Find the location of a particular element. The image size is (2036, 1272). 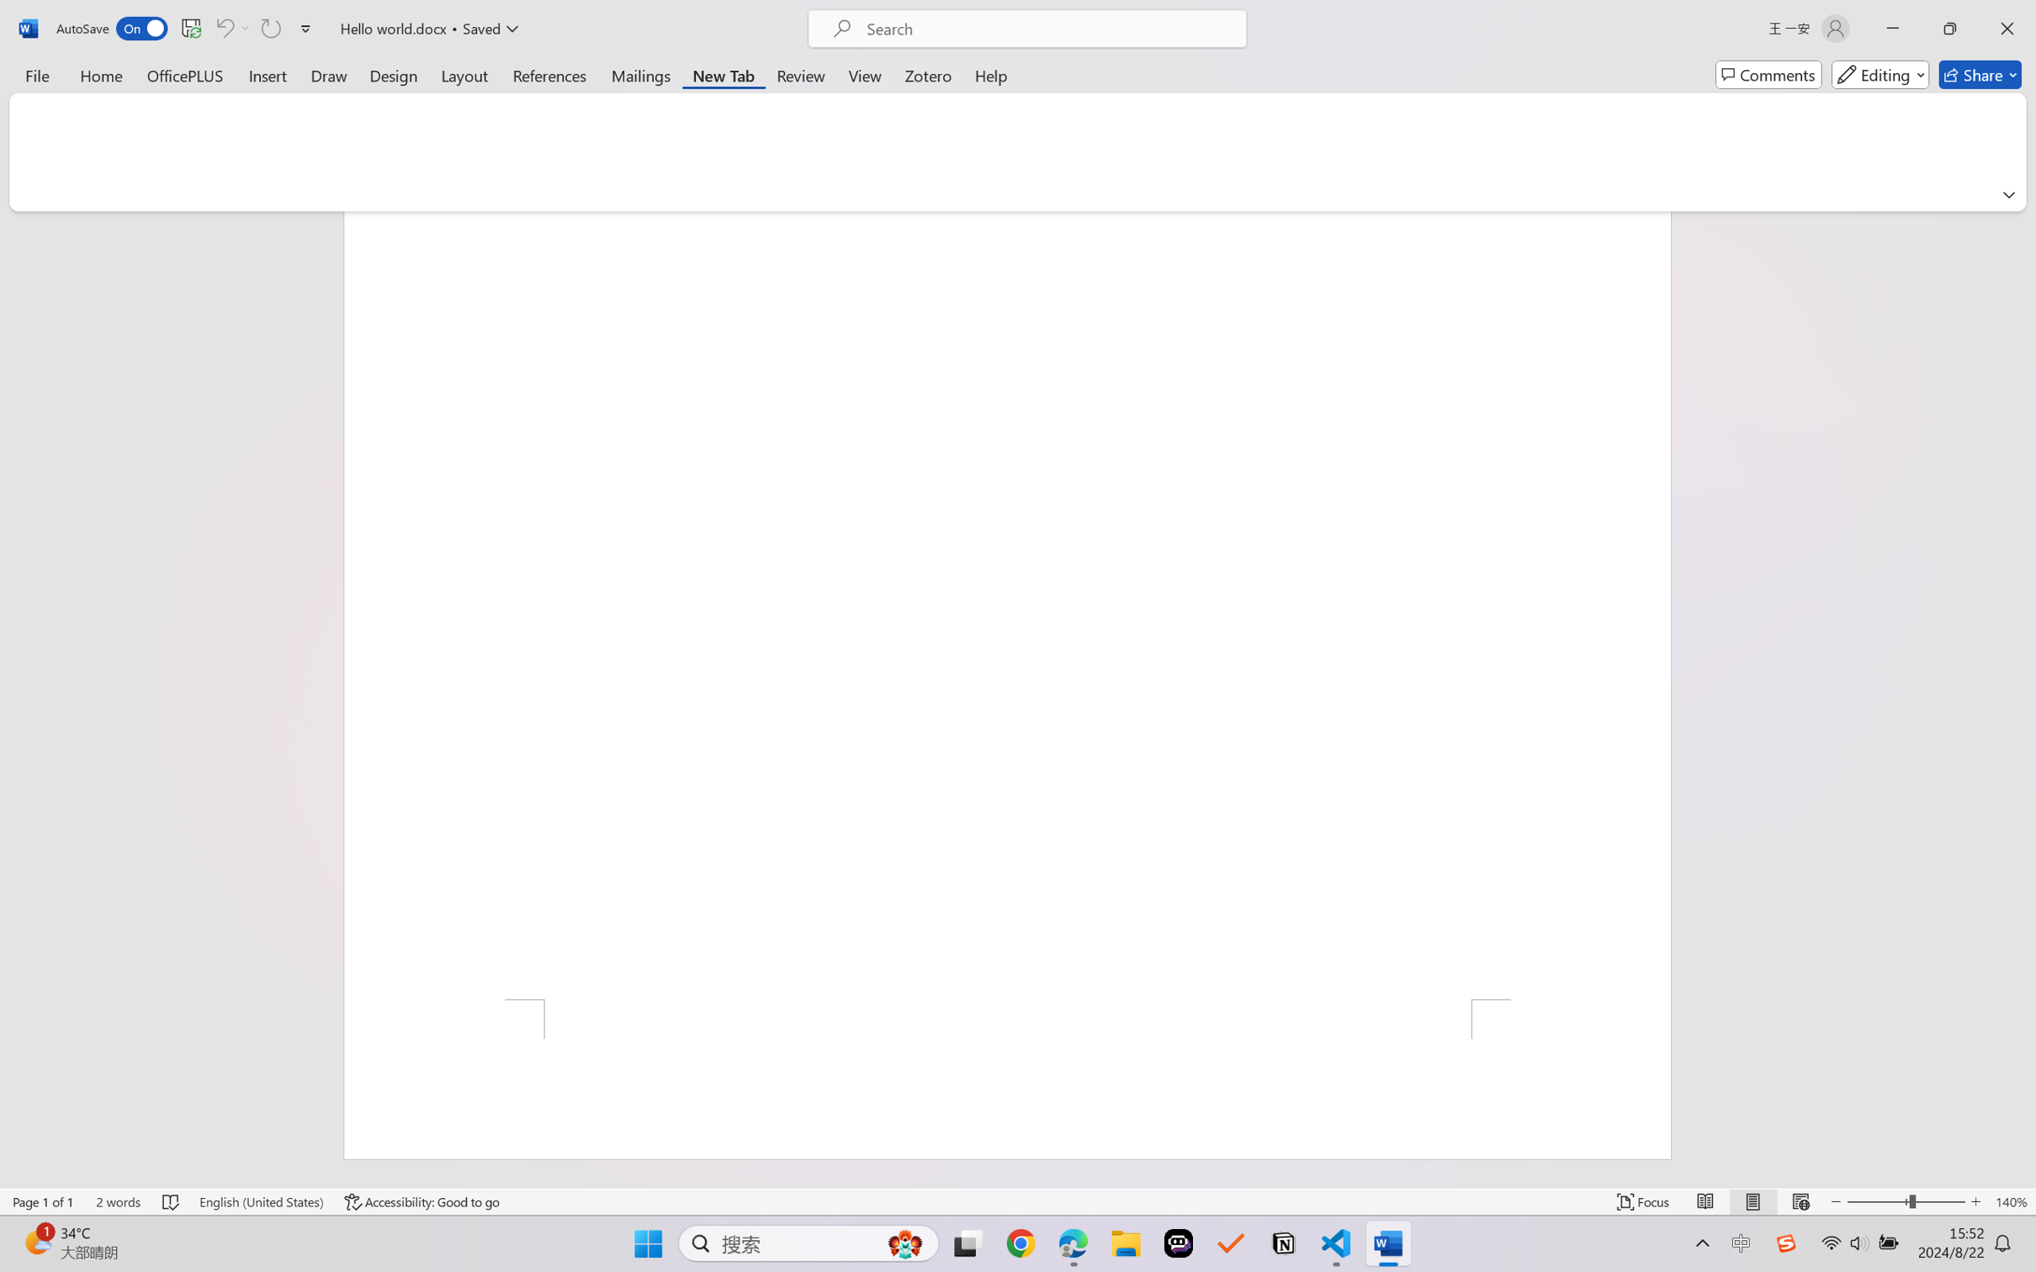

'AutoSave' is located at coordinates (112, 28).